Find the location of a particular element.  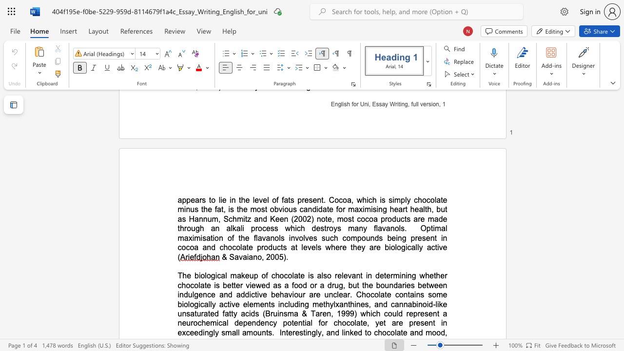

the subset text "esent" within the text "a neurochemical dependency potential for chocolate, yet are present in exceedingly small amounts" is located at coordinates (416, 323).